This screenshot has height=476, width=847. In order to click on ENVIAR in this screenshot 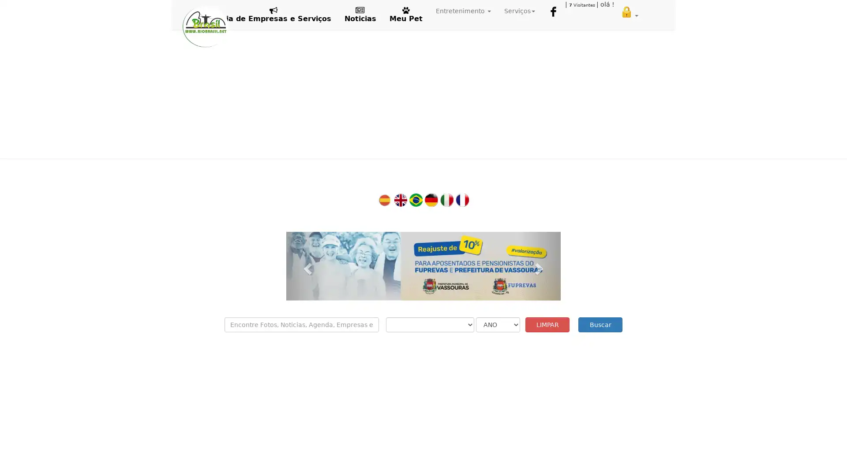, I will do `click(626, 12)`.